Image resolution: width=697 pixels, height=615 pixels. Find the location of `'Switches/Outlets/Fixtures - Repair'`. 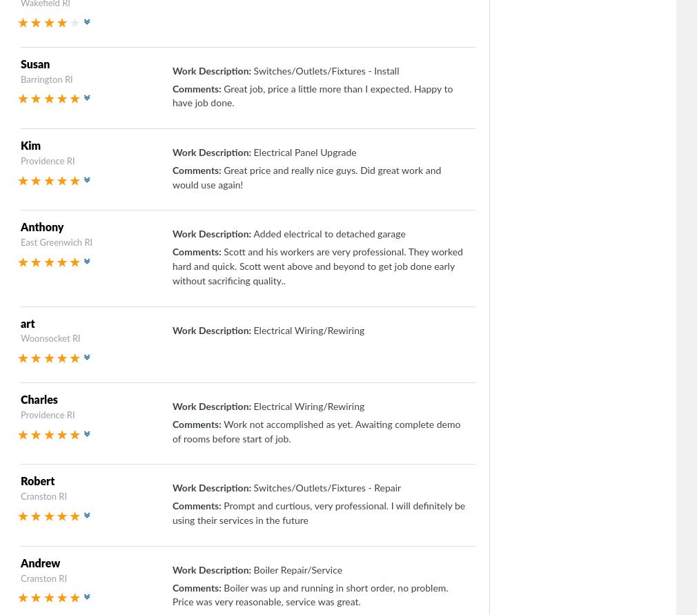

'Switches/Outlets/Fixtures - Repair' is located at coordinates (326, 487).